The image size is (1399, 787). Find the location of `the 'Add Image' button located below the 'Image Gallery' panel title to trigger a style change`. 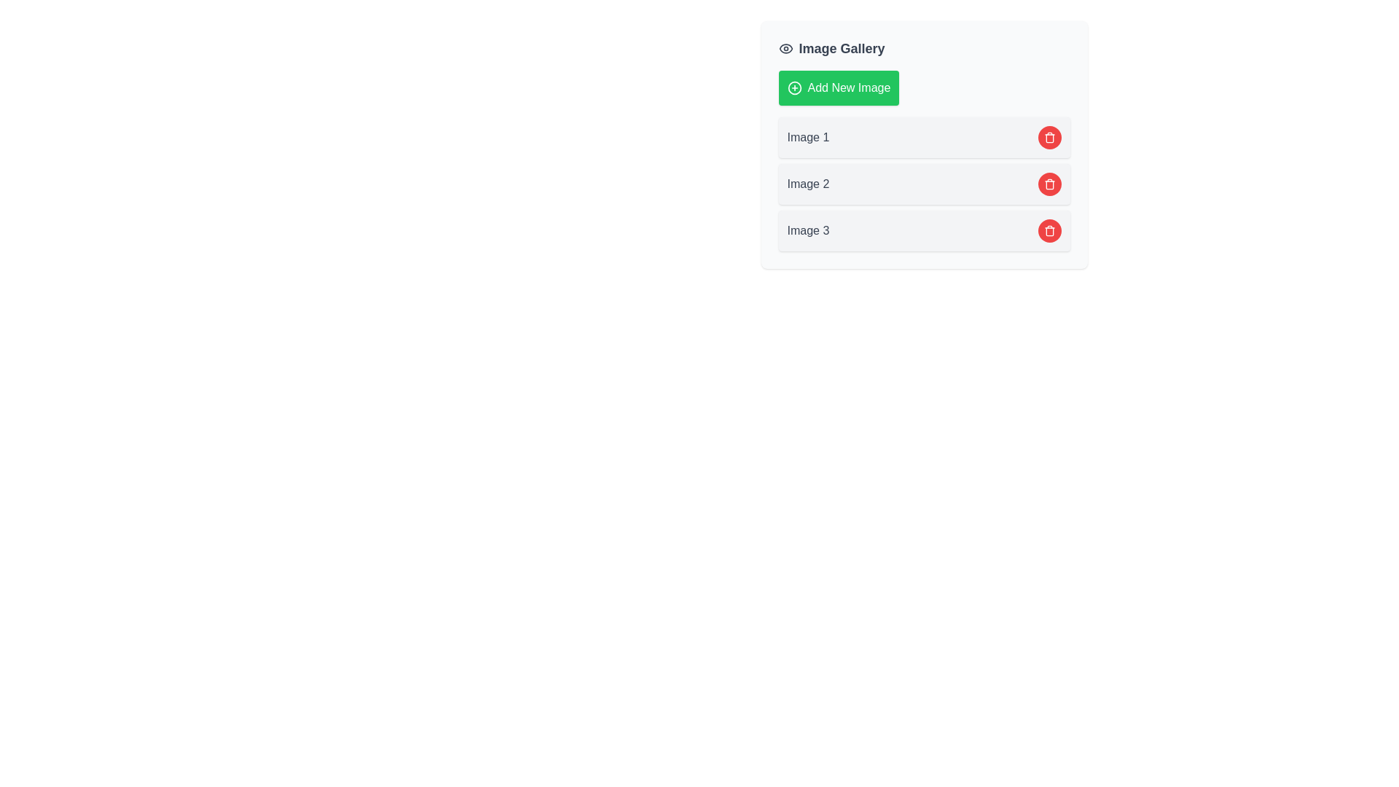

the 'Add Image' button located below the 'Image Gallery' panel title to trigger a style change is located at coordinates (839, 87).